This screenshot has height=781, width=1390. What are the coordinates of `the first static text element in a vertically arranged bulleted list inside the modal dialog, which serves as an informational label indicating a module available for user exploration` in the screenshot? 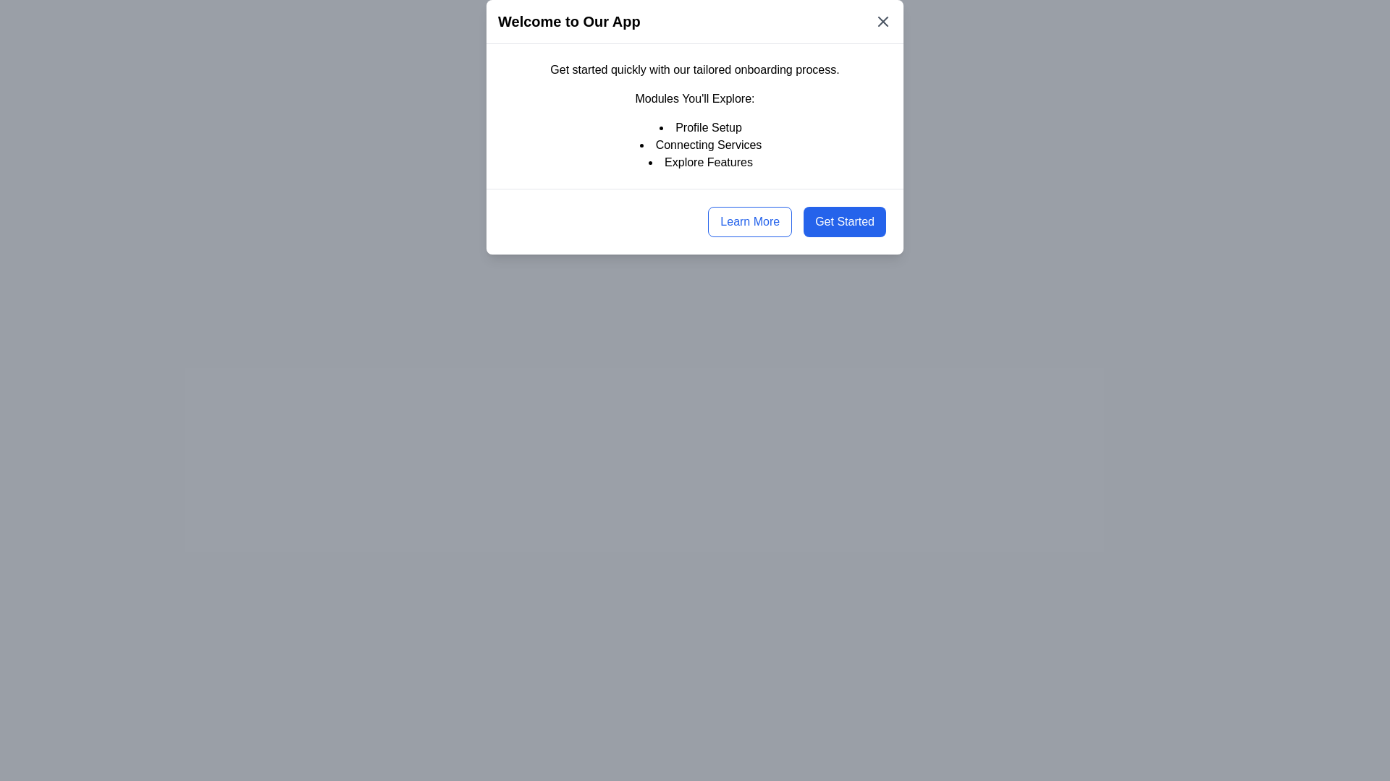 It's located at (701, 127).